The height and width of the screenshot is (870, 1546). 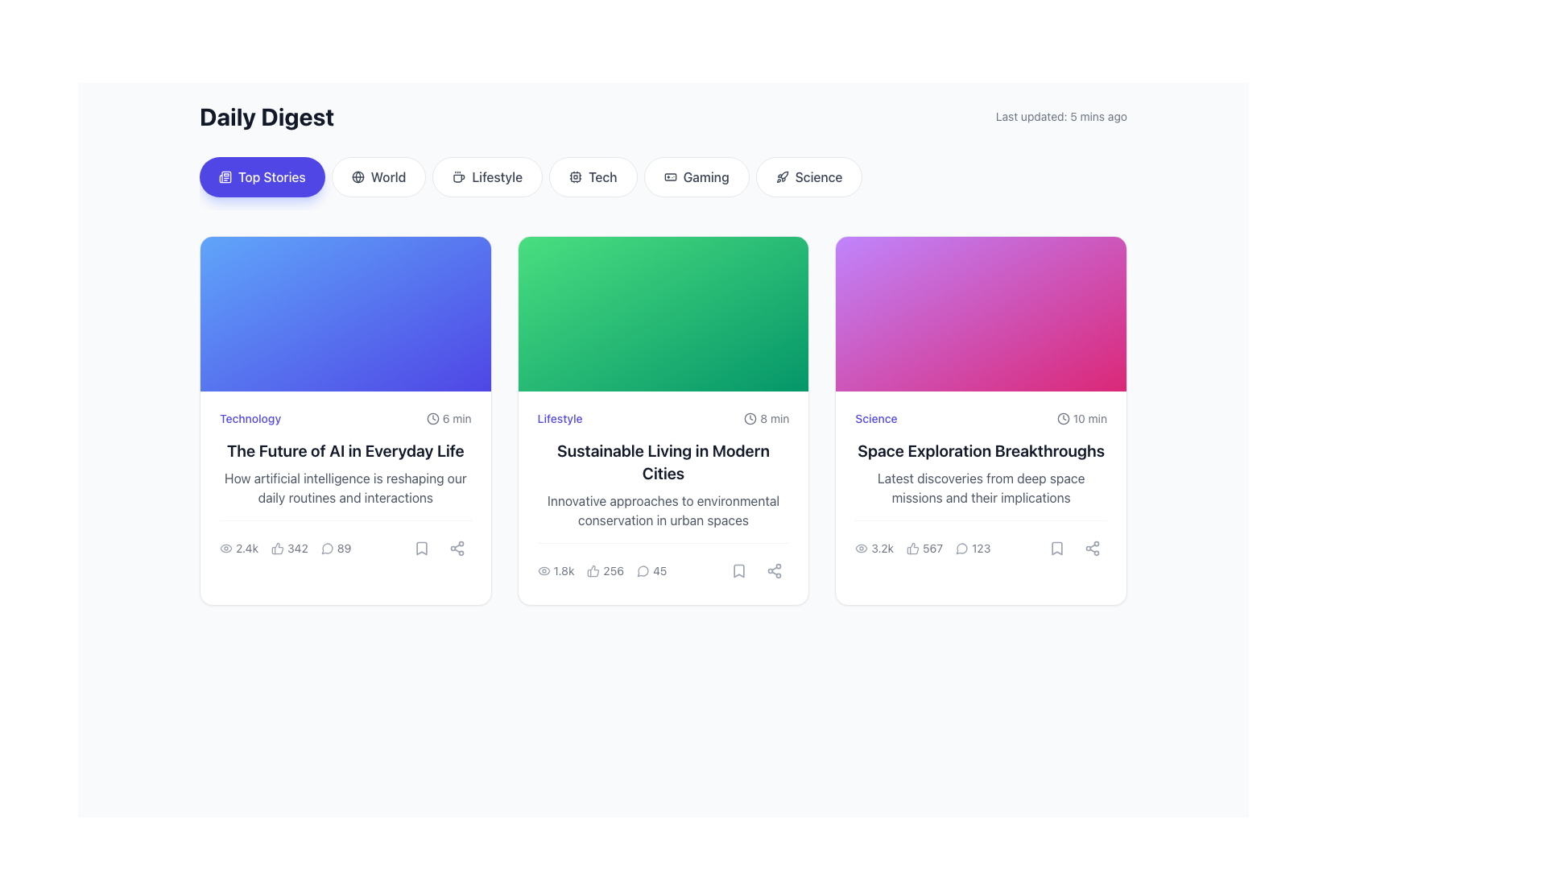 I want to click on the 'Science' category filter button located at the top right of the interface, so click(x=809, y=176).